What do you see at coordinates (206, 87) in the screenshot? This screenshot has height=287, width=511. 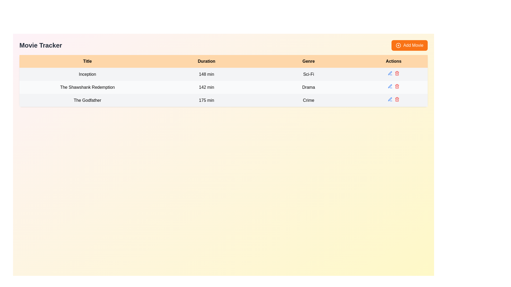 I see `the text displaying '142 min' in the 'Duration' column for the movie 'The Shawshank Redemption'` at bounding box center [206, 87].